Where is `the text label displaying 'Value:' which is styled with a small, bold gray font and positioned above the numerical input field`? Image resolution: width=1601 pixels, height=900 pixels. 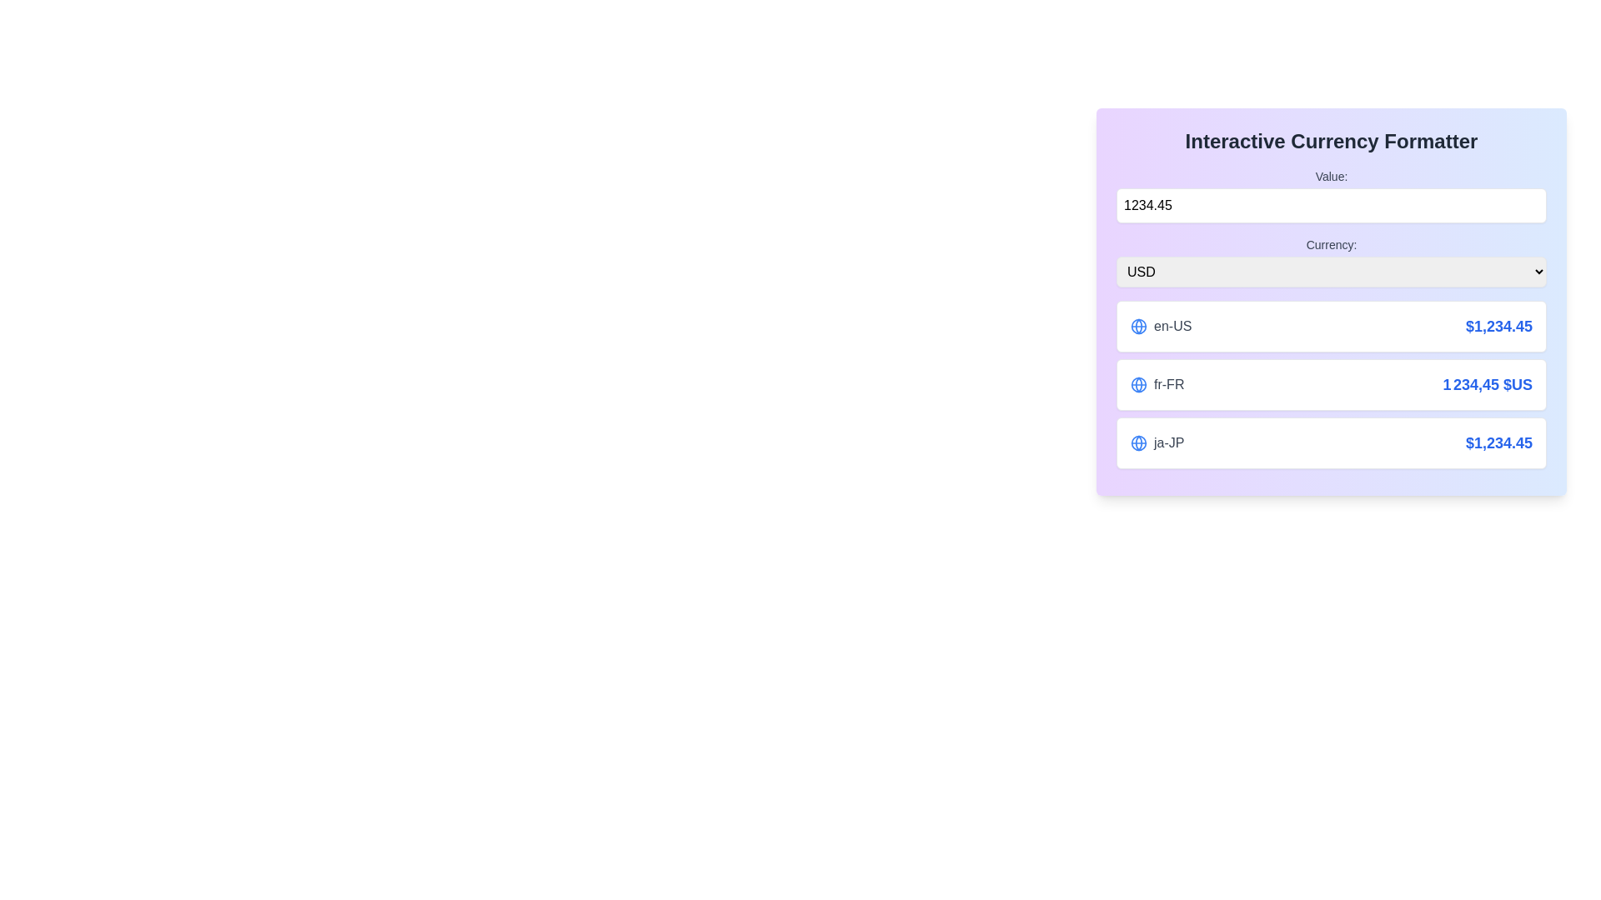 the text label displaying 'Value:' which is styled with a small, bold gray font and positioned above the numerical input field is located at coordinates (1331, 177).